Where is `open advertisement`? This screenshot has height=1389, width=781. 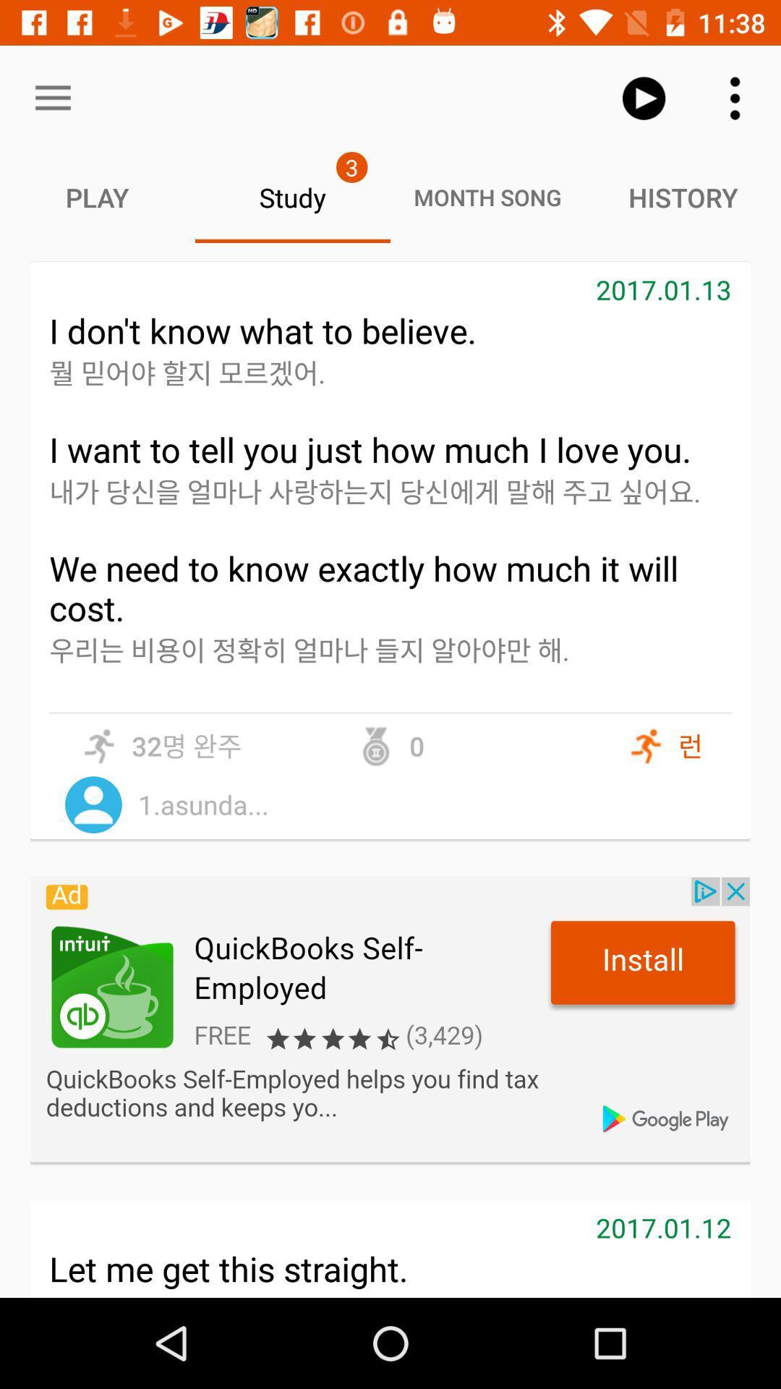 open advertisement is located at coordinates (390, 1019).